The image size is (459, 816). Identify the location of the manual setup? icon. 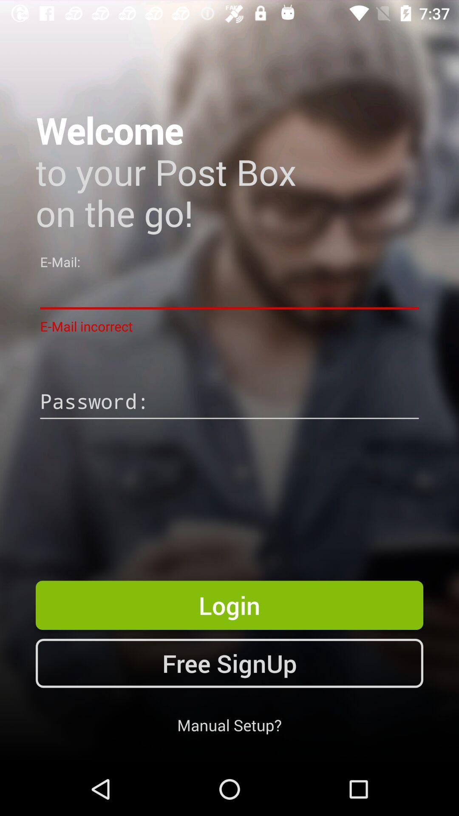
(229, 725).